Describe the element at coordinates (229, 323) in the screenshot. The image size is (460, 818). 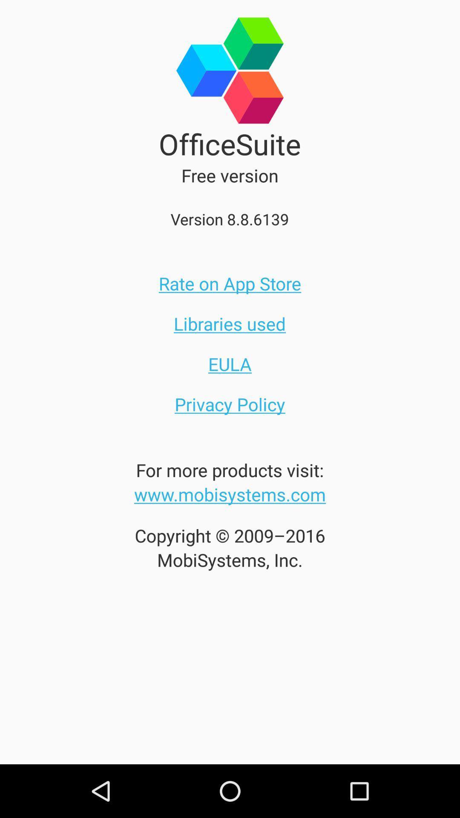
I see `item below the rate on app item` at that location.